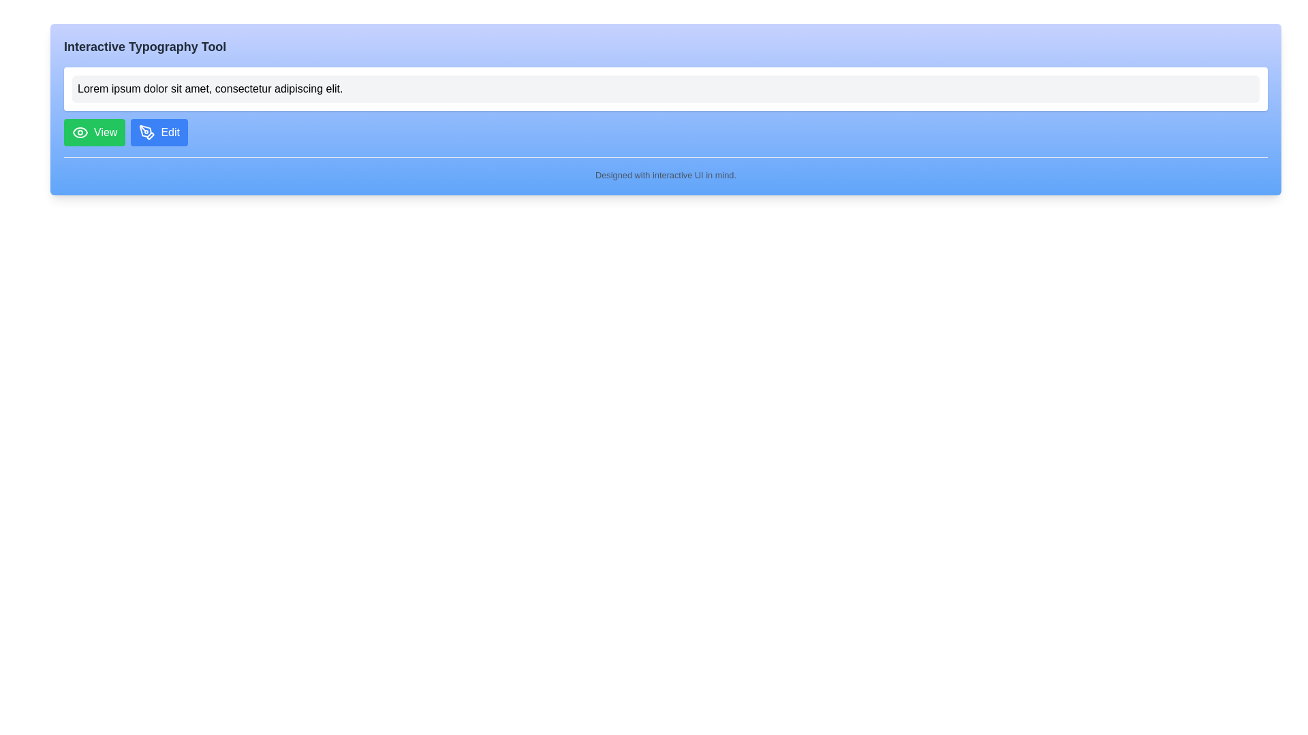 Image resolution: width=1308 pixels, height=735 pixels. Describe the element at coordinates (159, 133) in the screenshot. I see `the blue rectangular button with rounded corners that has a pen tool icon and the text 'Edit'` at that location.